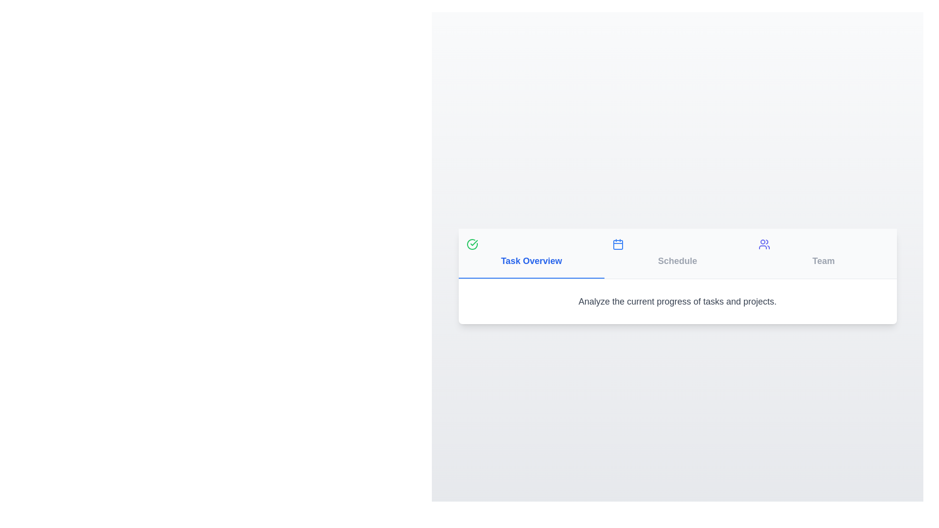 Image resolution: width=939 pixels, height=528 pixels. I want to click on the icon of the tab labeled 'Schedule' to inspect it visually, so click(618, 243).